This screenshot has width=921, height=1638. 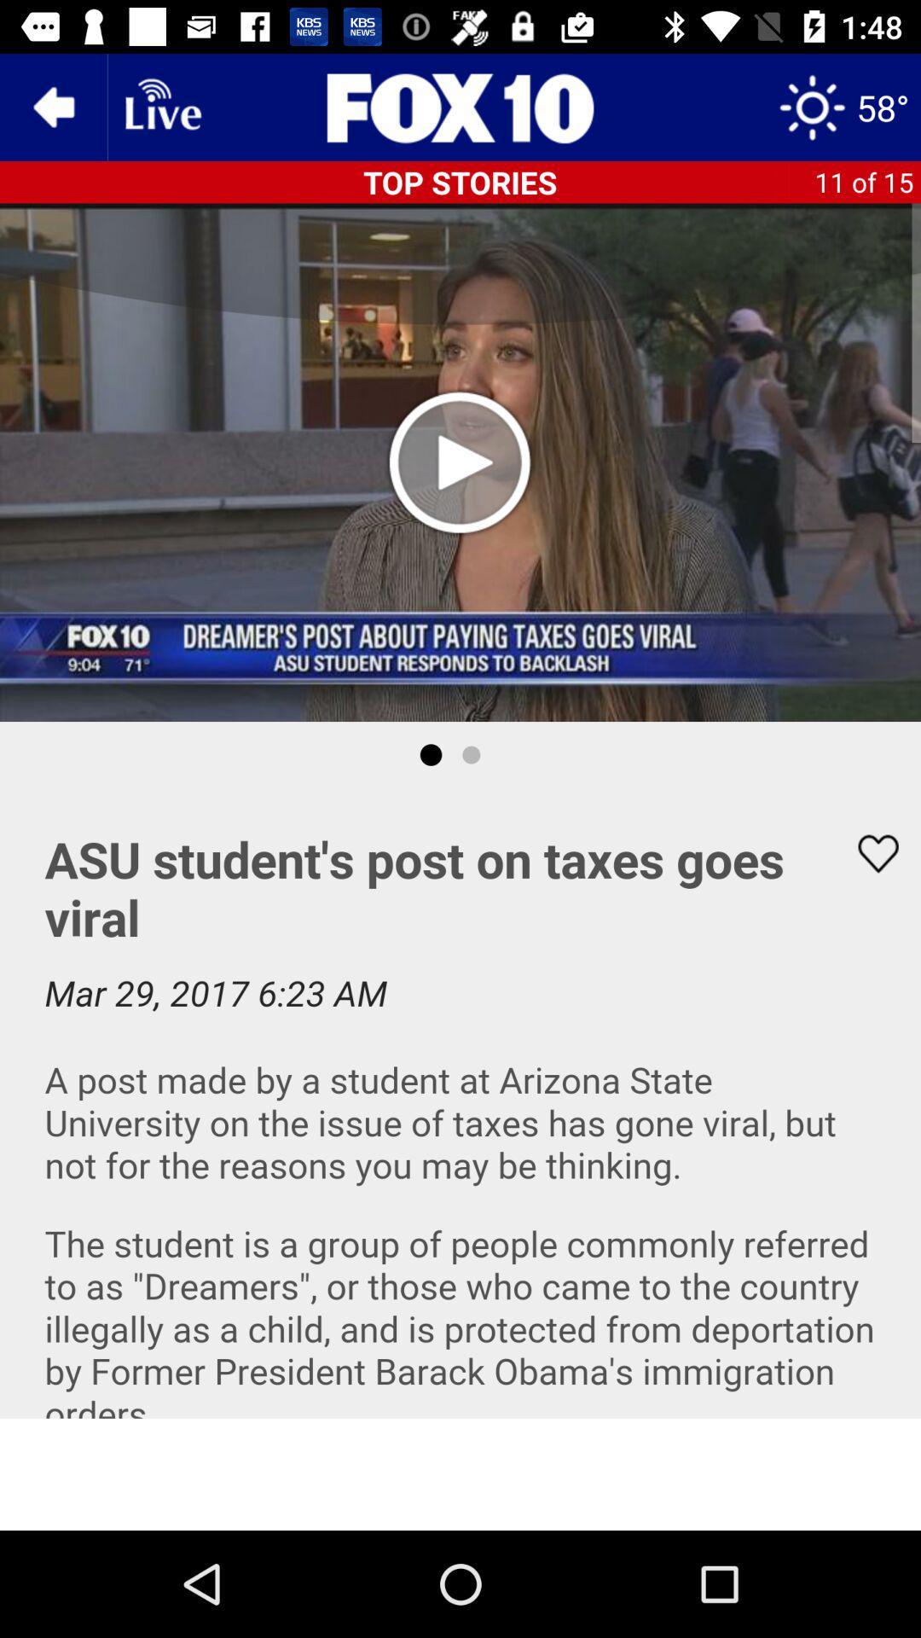 I want to click on backward, so click(x=52, y=106).